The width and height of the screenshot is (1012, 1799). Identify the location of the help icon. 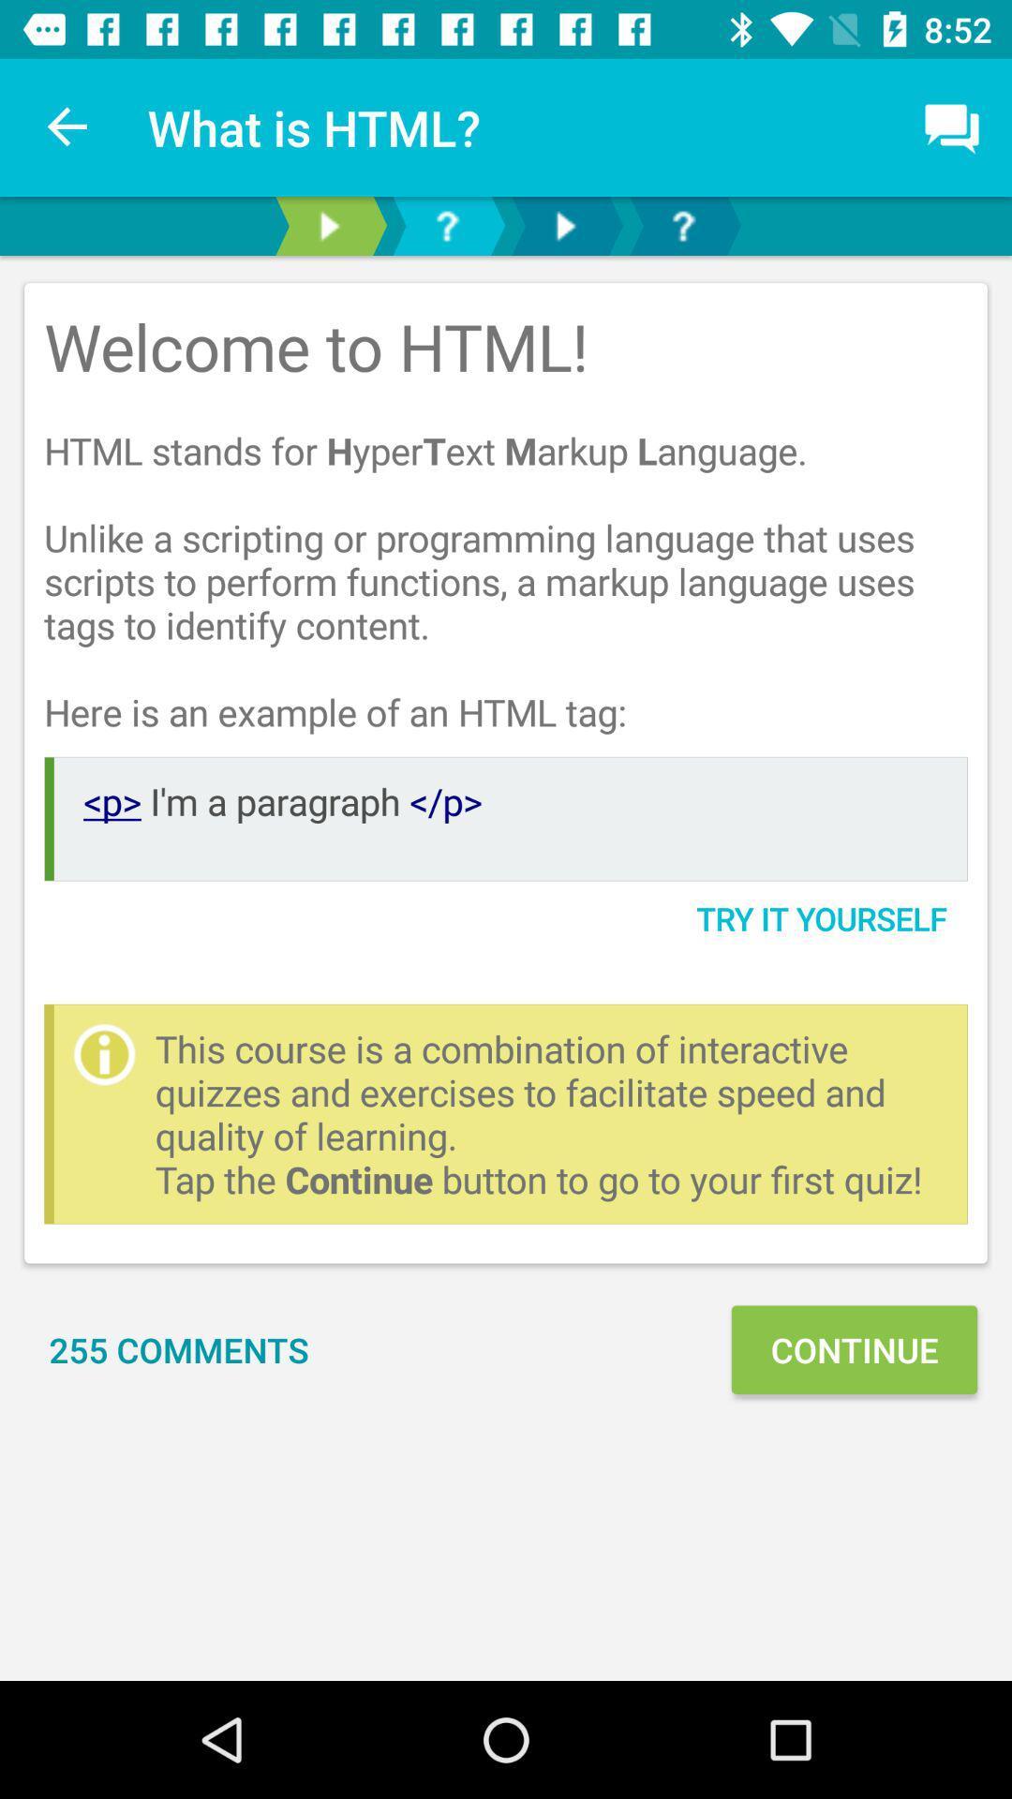
(447, 225).